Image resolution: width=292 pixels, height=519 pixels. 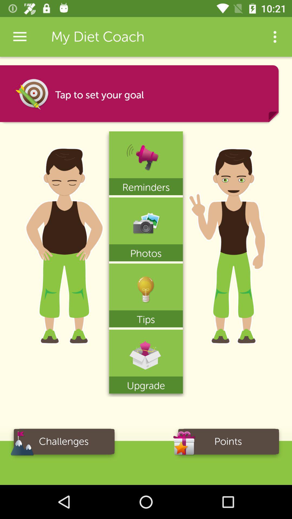 What do you see at coordinates (228, 443) in the screenshot?
I see `points icon` at bounding box center [228, 443].